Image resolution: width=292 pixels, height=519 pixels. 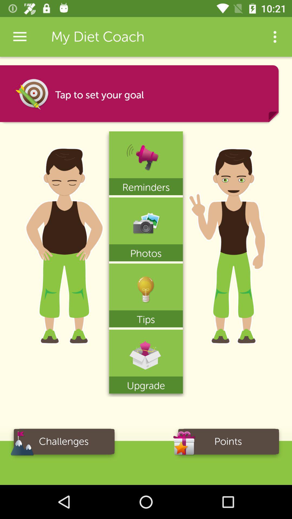 What do you see at coordinates (228, 443) in the screenshot?
I see `points icon` at bounding box center [228, 443].